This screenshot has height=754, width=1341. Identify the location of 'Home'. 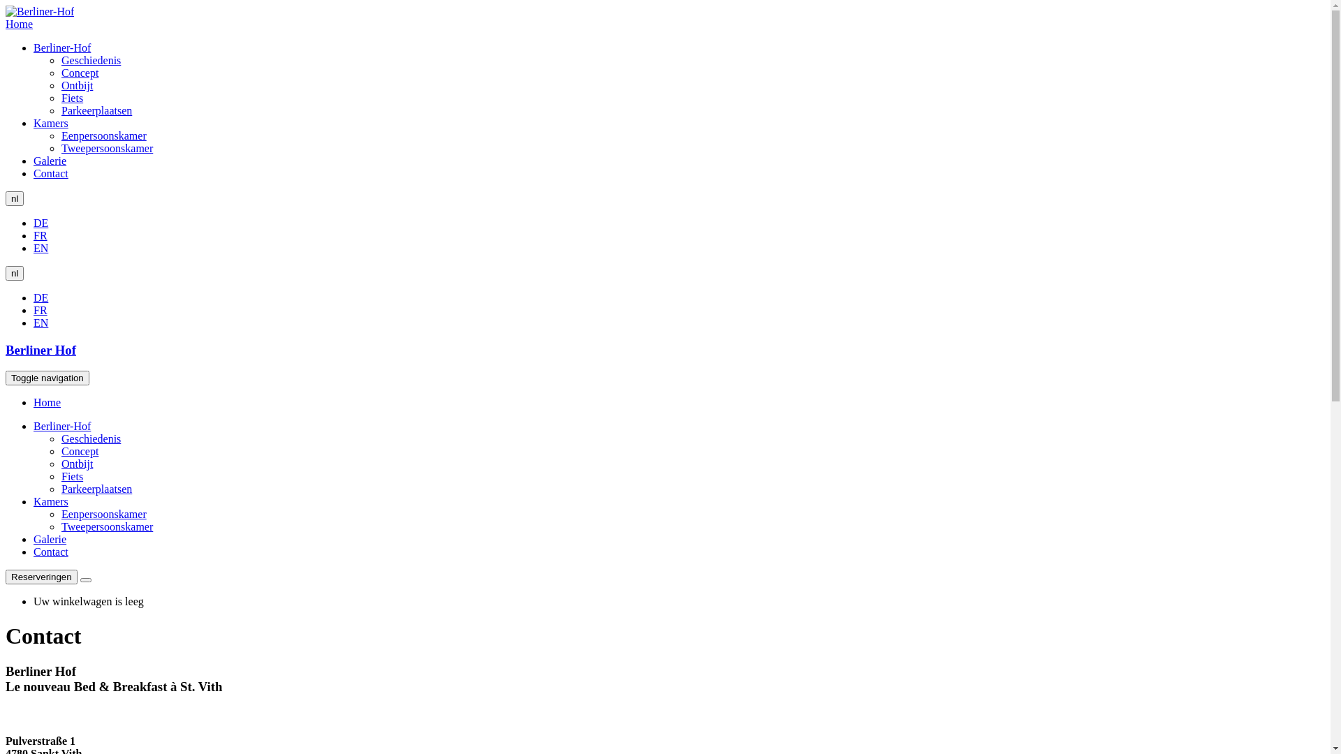
(40, 11).